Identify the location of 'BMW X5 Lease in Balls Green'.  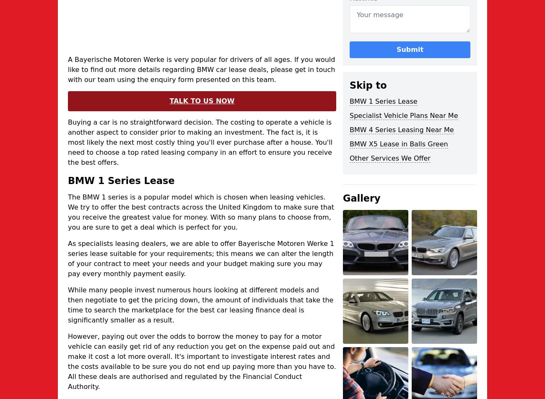
(398, 144).